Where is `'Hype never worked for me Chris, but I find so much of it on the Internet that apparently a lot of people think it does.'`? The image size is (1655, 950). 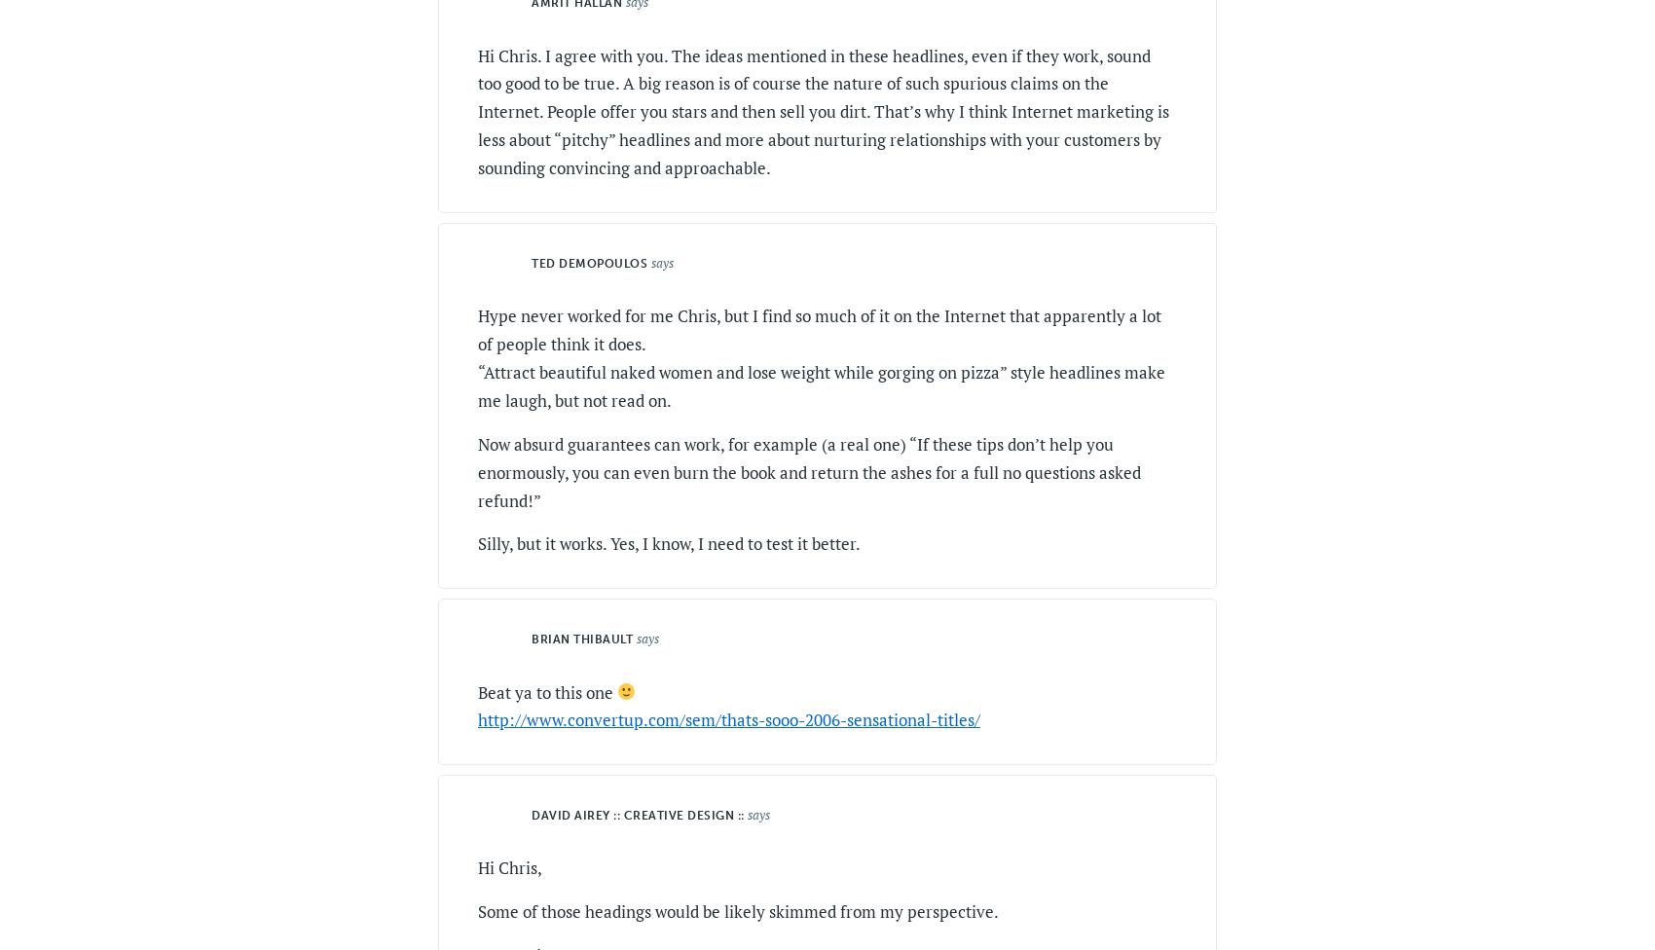 'Hype never worked for me Chris, but I find so much of it on the Internet that apparently a lot of people think it does.' is located at coordinates (819, 329).